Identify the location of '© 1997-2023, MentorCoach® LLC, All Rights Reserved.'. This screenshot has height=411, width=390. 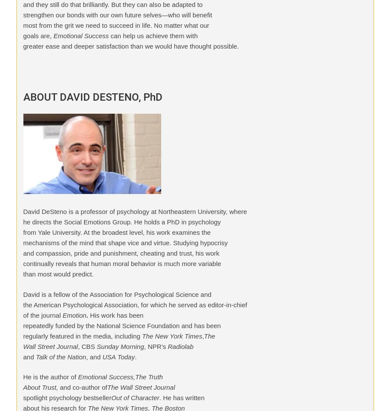
(66, 144).